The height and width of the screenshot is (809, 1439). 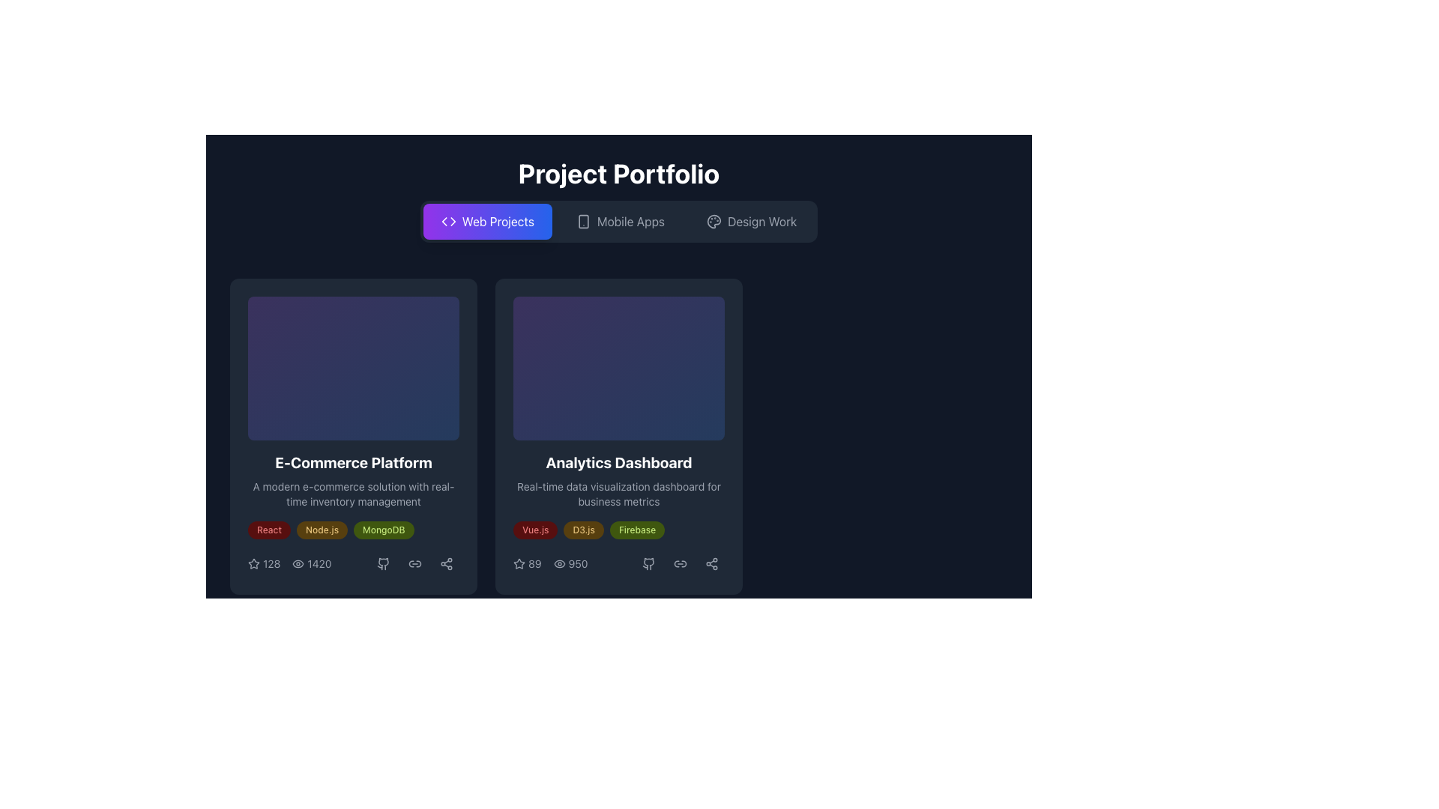 What do you see at coordinates (352, 494) in the screenshot?
I see `text paragraph styled with a small, gray font located below the 'E-Commerce Platform' header` at bounding box center [352, 494].